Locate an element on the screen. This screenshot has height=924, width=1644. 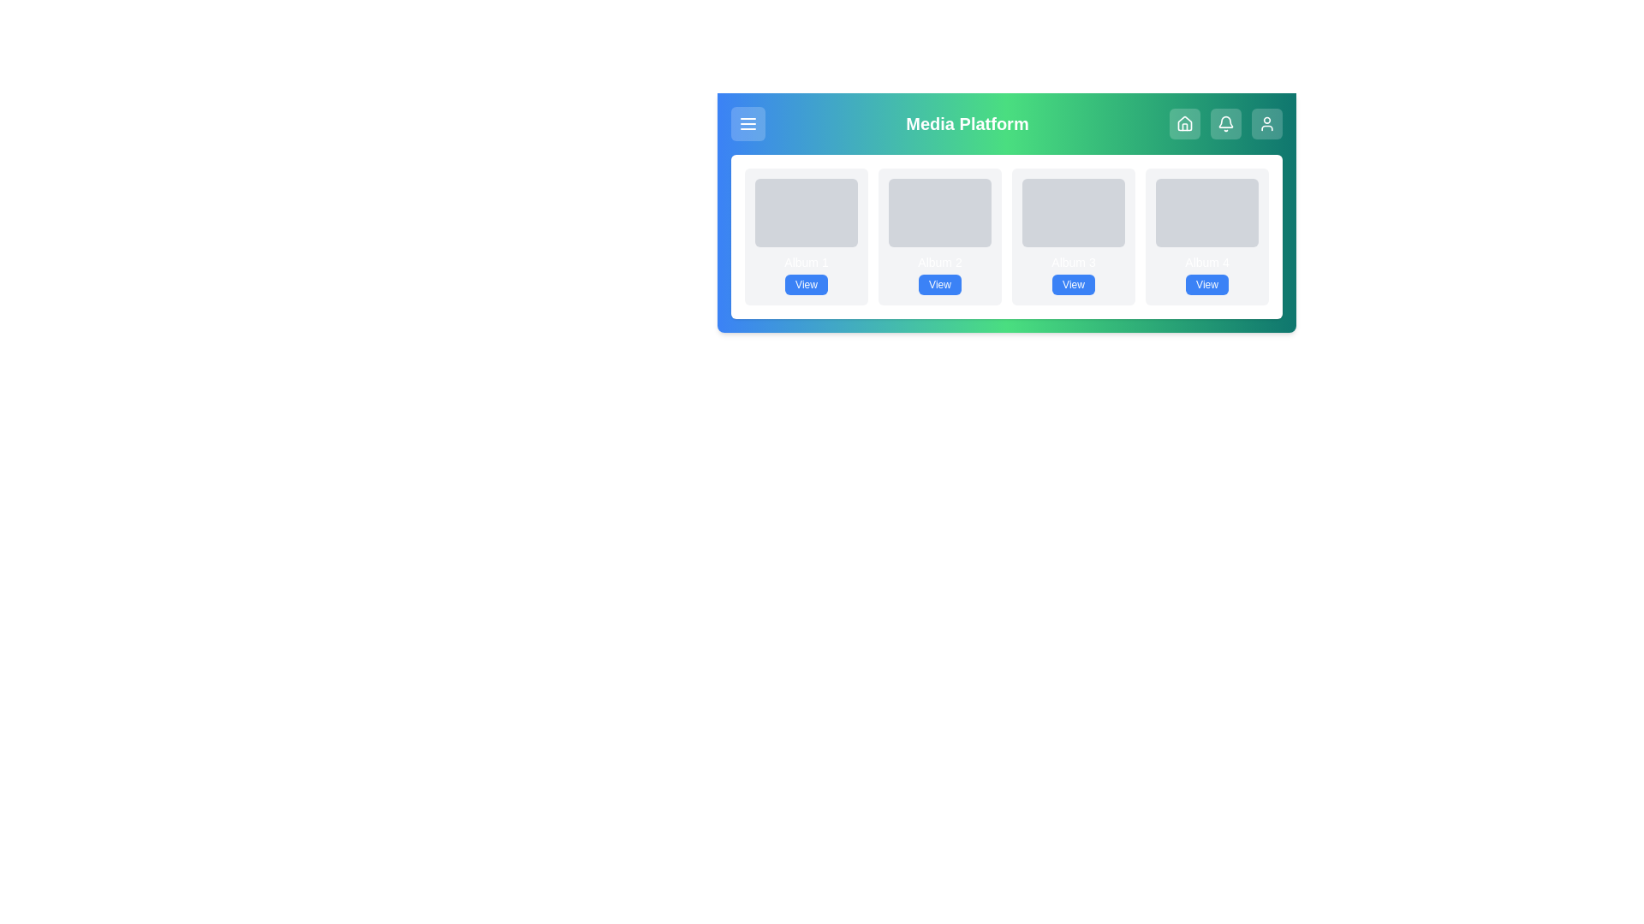
the 'View' button for album 2 is located at coordinates (939, 283).